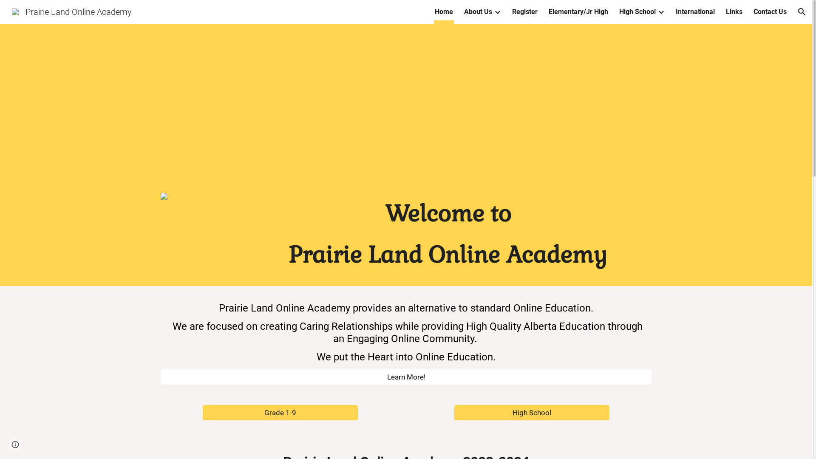 The width and height of the screenshot is (816, 459). I want to click on 'Home', so click(434, 11).